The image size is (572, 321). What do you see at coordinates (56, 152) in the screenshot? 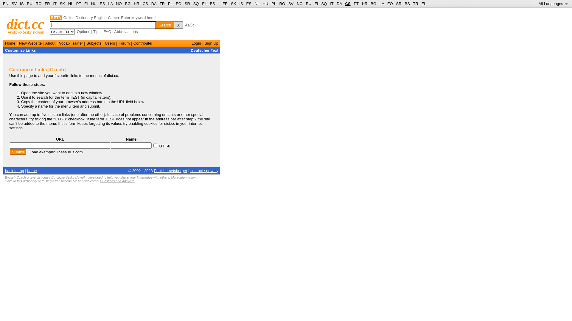
I see `'Load example: Thesaurus.com'` at bounding box center [56, 152].